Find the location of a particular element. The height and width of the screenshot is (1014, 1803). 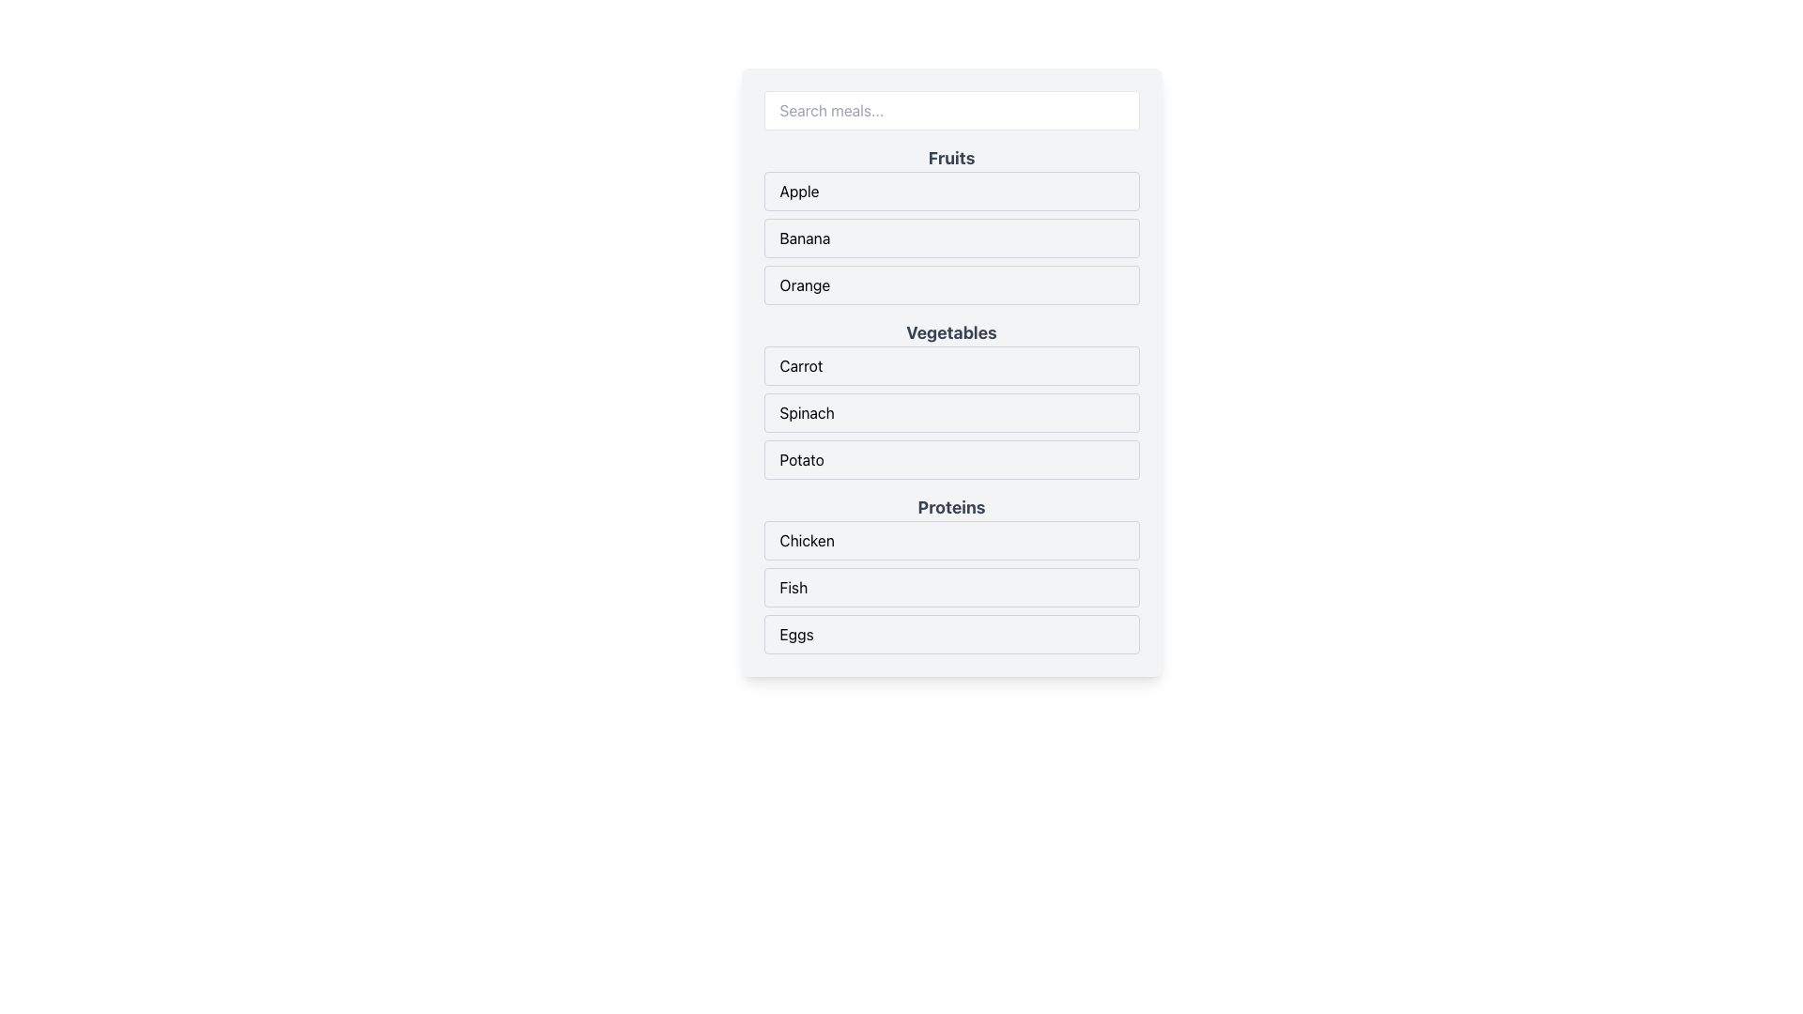

the third button-like menu item under the 'Vegetables' section is located at coordinates (951, 459).